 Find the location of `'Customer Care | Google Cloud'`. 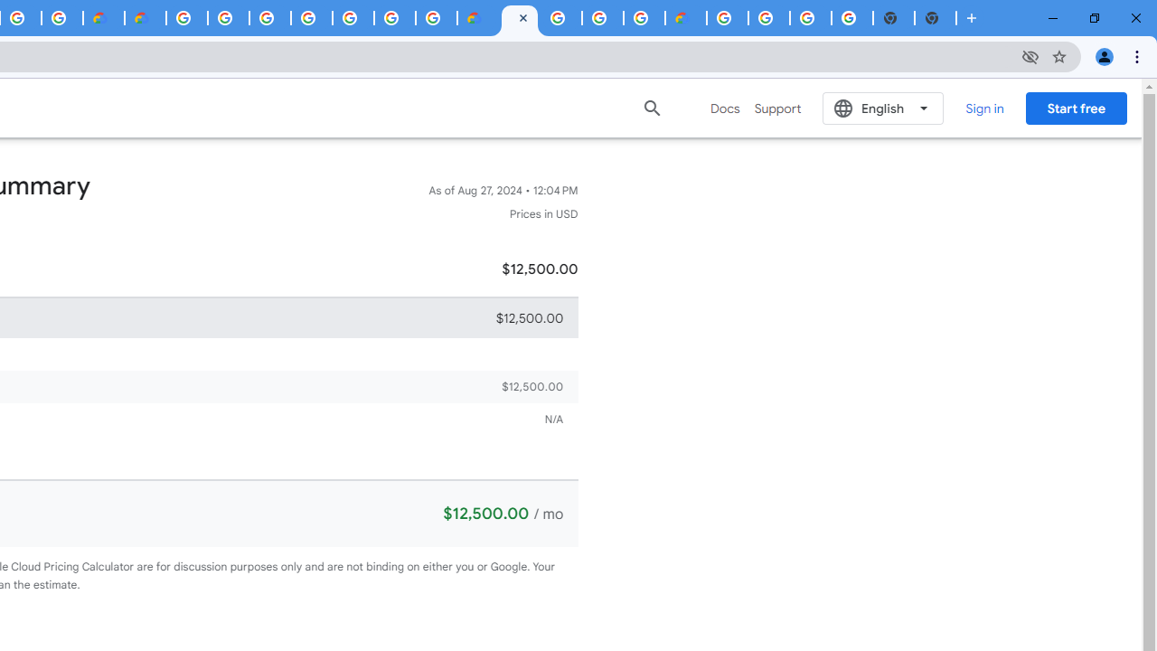

'Customer Care | Google Cloud' is located at coordinates (477, 18).